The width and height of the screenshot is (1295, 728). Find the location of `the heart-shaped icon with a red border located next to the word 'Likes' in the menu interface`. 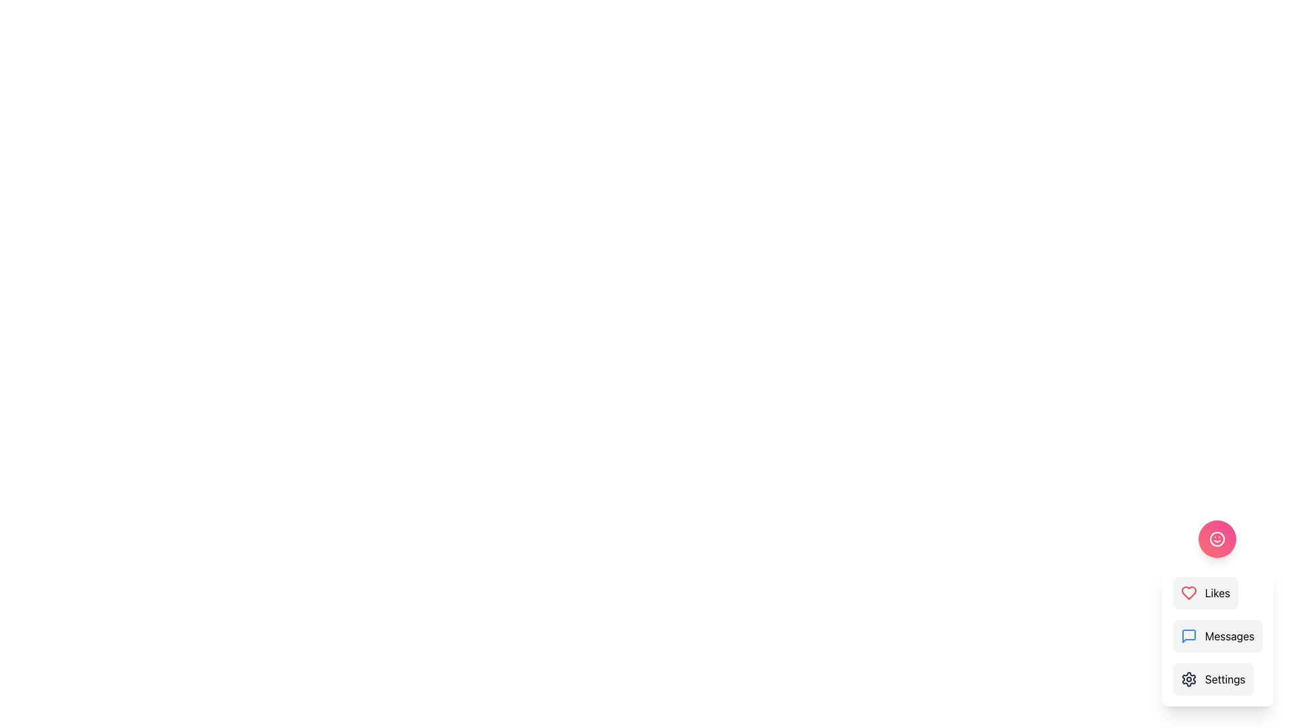

the heart-shaped icon with a red border located next to the word 'Likes' in the menu interface is located at coordinates (1188, 592).